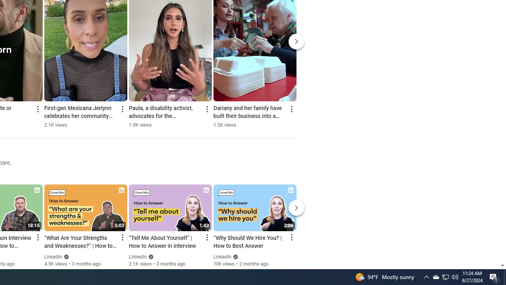 This screenshot has height=285, width=506. Describe the element at coordinates (296, 207) in the screenshot. I see `'Next'` at that location.